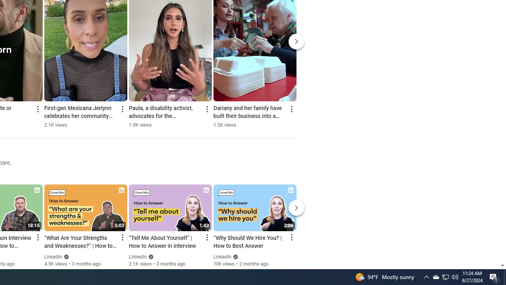 This screenshot has height=285, width=506. Describe the element at coordinates (296, 207) in the screenshot. I see `'Next'` at that location.